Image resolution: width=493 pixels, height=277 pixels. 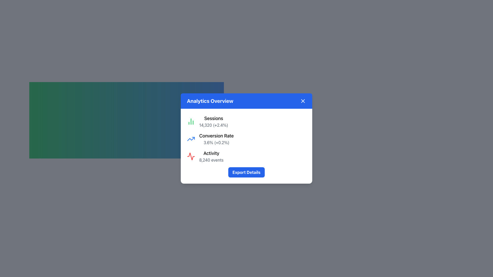 I want to click on the 'Activity' label displayed in bold black font within the white card titled 'Analytics Overview', located above the '8,240 events' text, so click(x=211, y=153).